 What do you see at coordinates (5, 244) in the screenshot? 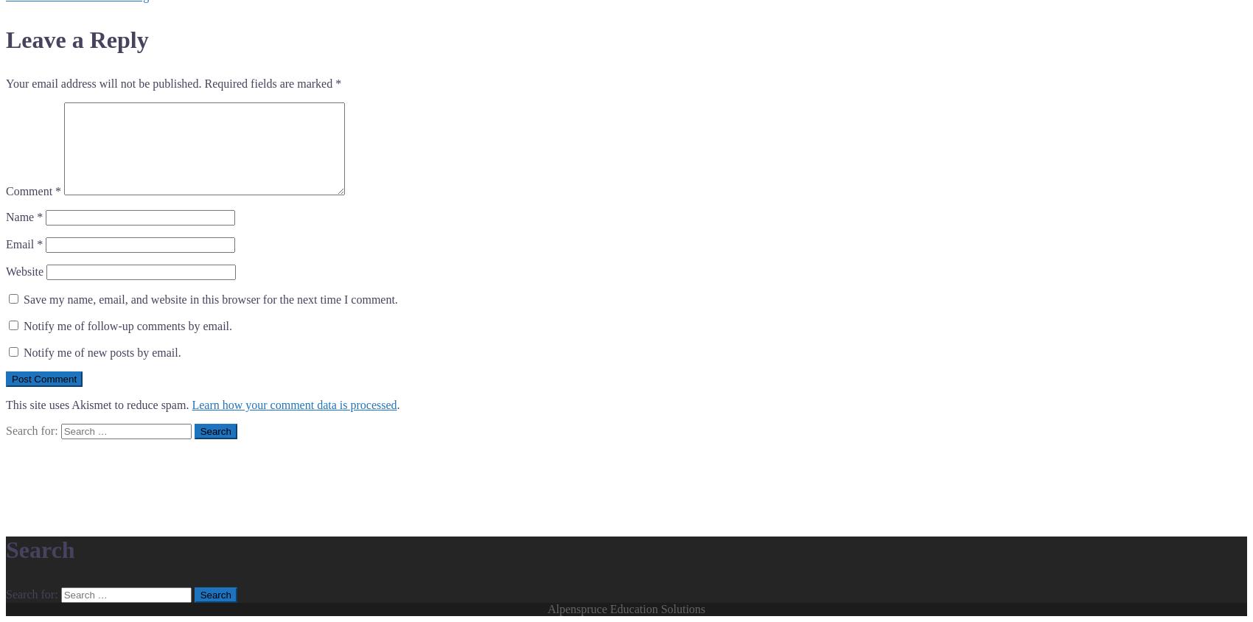
I see `'Email'` at bounding box center [5, 244].